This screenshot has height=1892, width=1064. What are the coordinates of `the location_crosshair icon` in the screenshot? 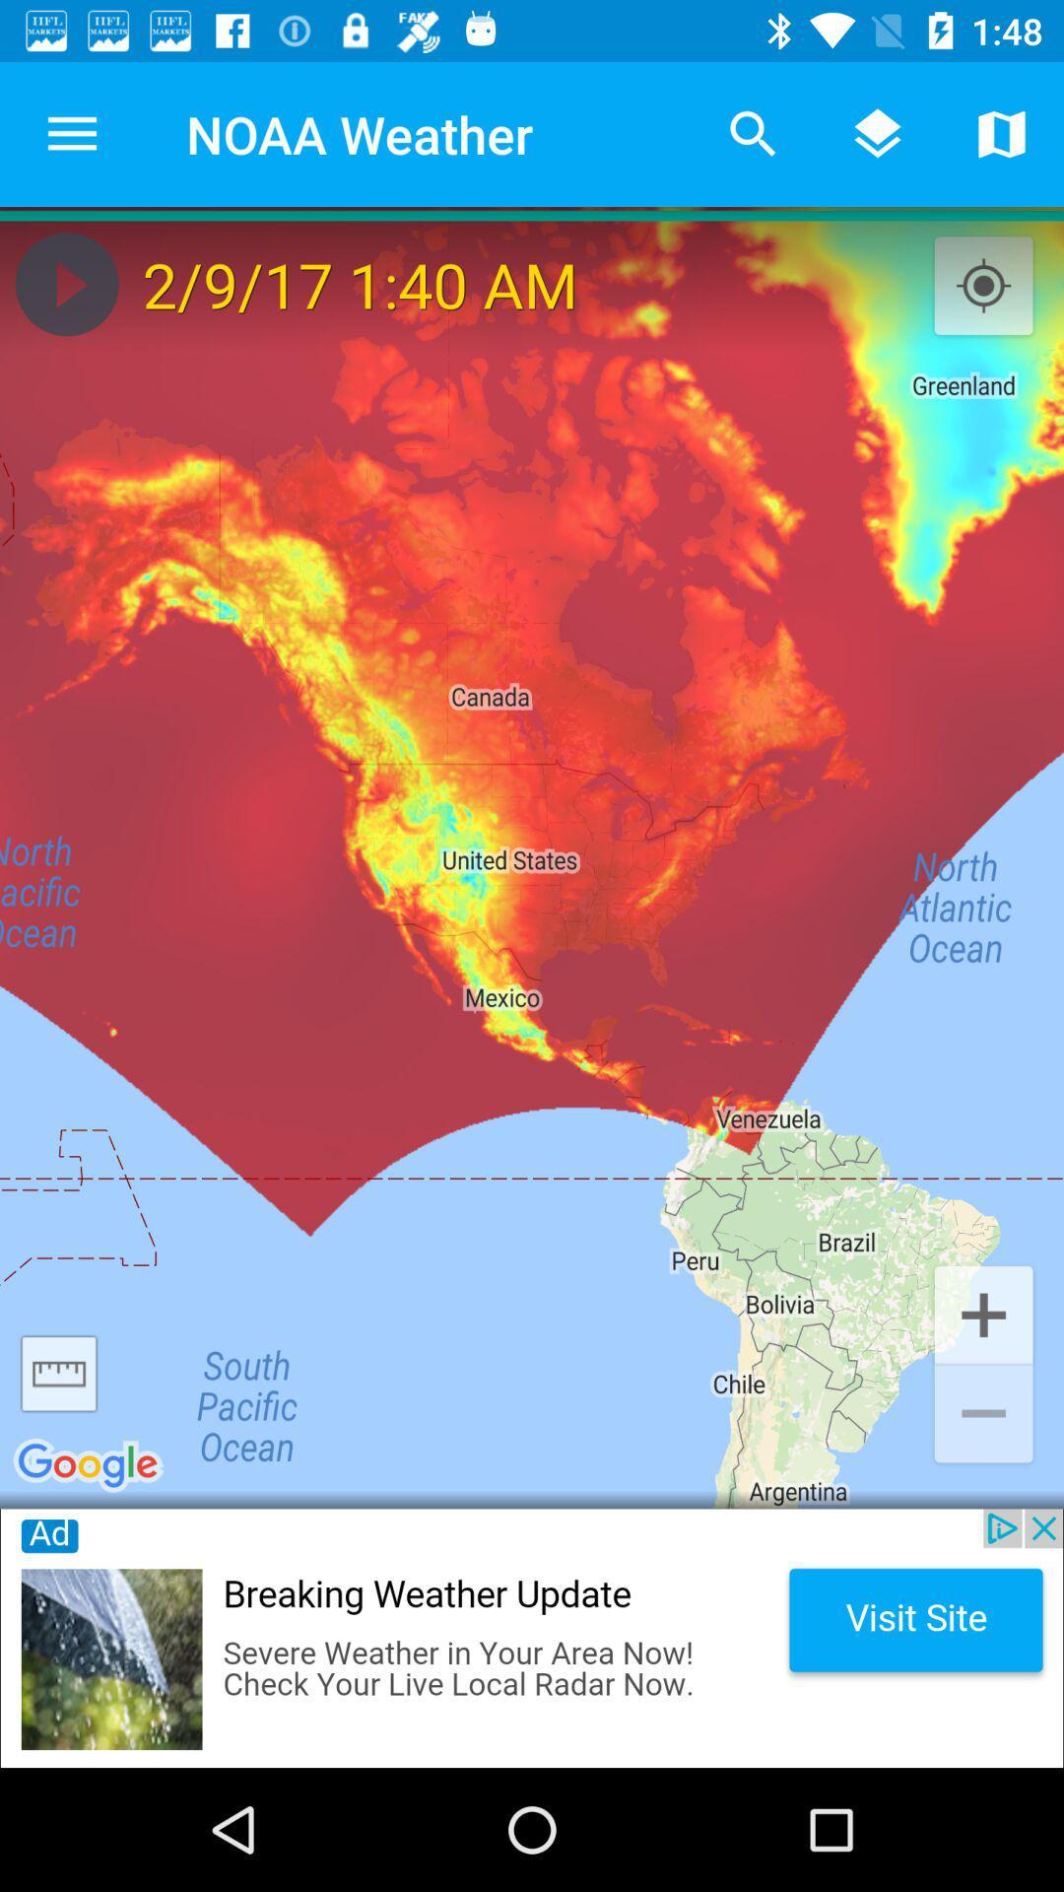 It's located at (983, 286).